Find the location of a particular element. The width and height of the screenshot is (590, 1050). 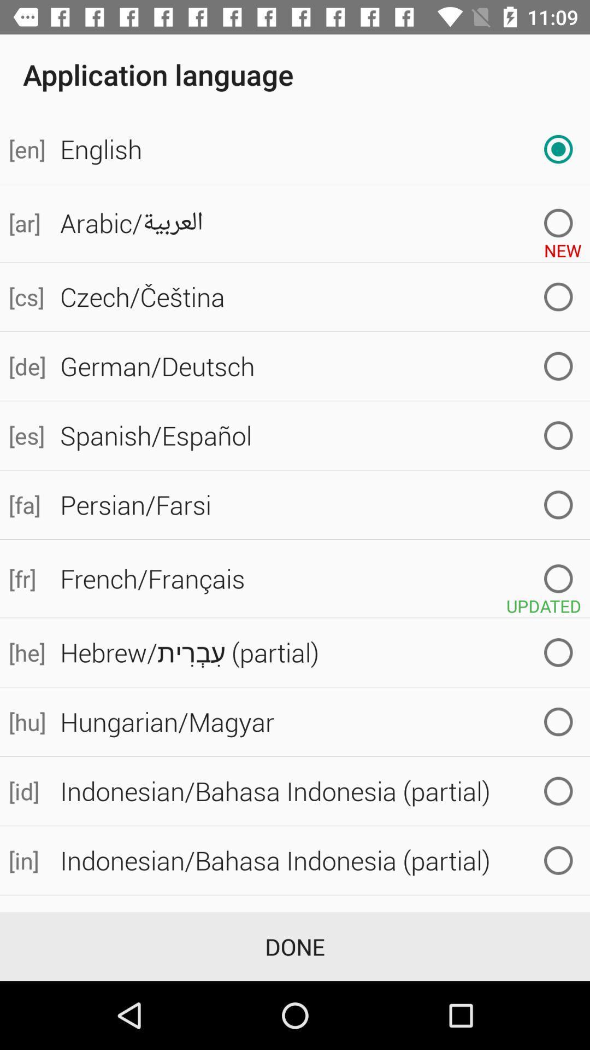

the new at the top right corner is located at coordinates (563, 246).